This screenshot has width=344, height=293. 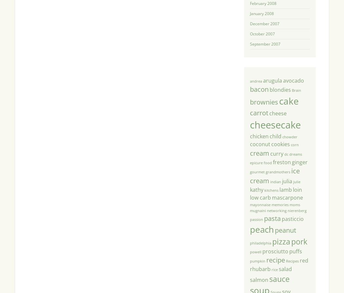 What do you see at coordinates (280, 144) in the screenshot?
I see `'cookies'` at bounding box center [280, 144].